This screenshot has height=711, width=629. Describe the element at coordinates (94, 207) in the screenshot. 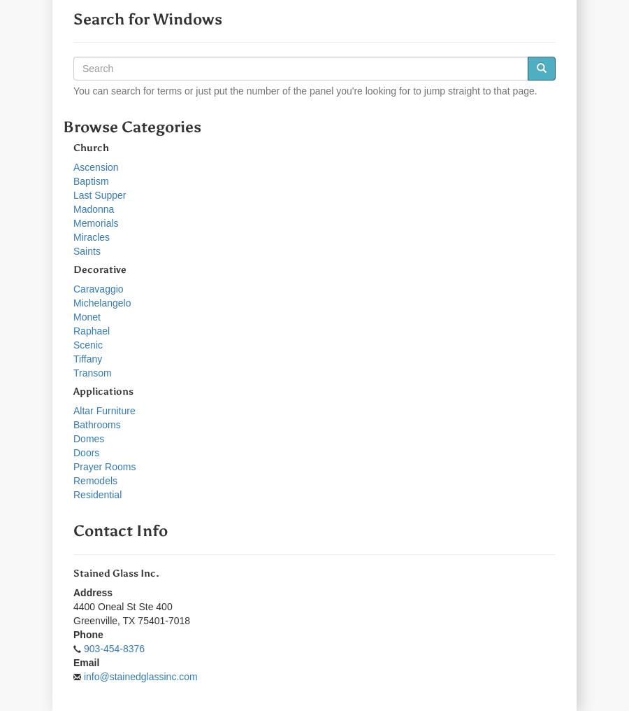

I see `'Madonna'` at that location.